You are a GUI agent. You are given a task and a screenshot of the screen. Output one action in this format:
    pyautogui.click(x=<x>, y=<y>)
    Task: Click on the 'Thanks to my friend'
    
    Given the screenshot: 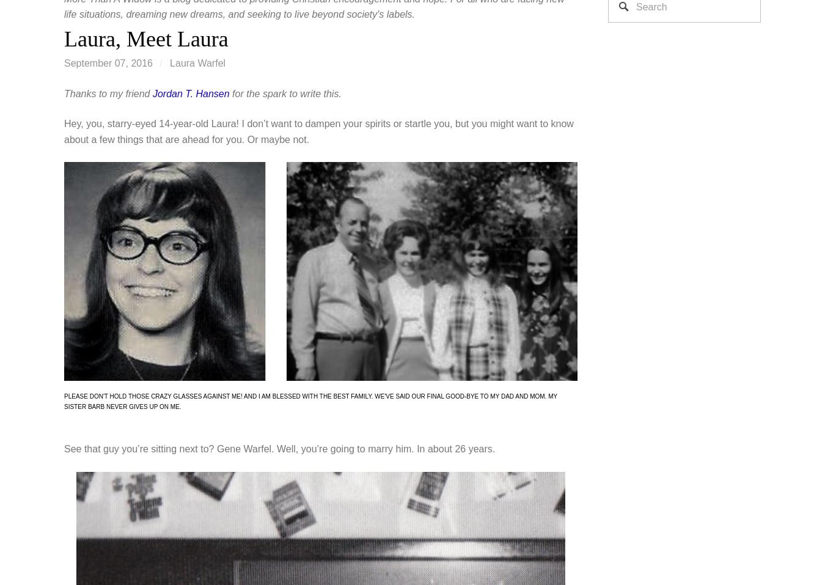 What is the action you would take?
    pyautogui.click(x=108, y=93)
    